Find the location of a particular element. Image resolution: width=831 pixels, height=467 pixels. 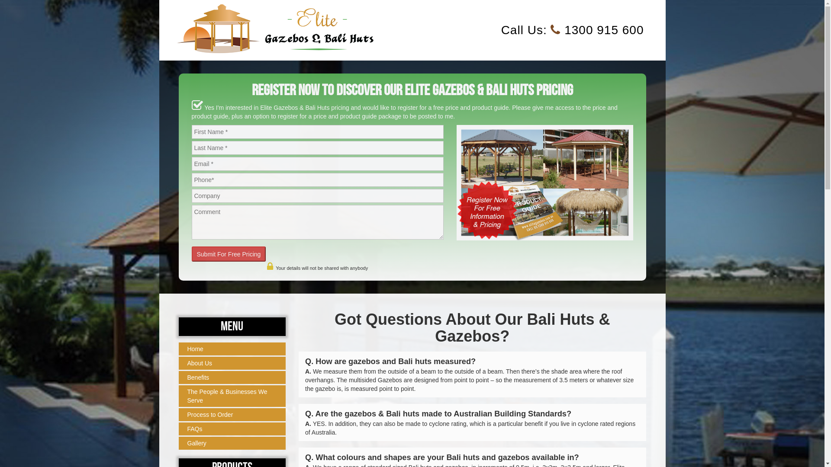

'Benefits' is located at coordinates (232, 377).